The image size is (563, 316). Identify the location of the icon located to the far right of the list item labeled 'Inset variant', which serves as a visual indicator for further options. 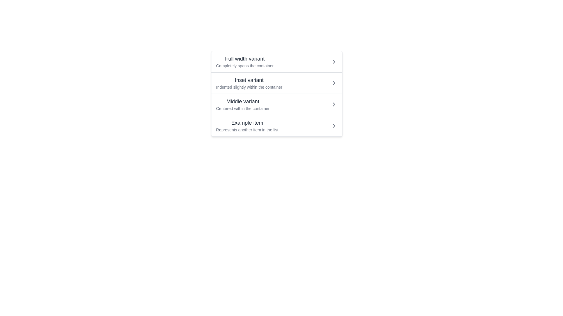
(334, 83).